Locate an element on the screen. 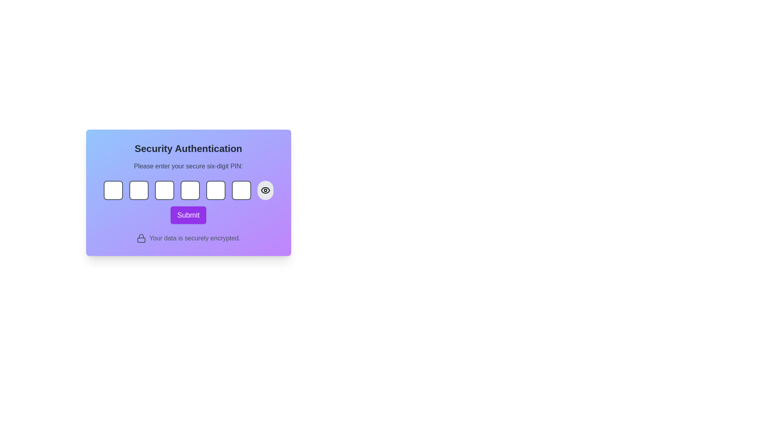  the fourth PIN input box, which is a rectangular field for entering a password, to focus on it is located at coordinates (188, 193).